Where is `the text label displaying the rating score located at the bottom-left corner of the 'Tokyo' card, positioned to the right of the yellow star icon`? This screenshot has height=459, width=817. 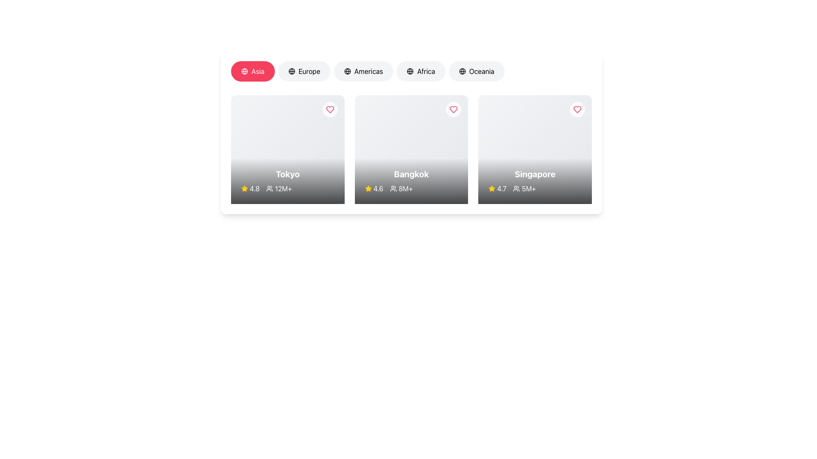
the text label displaying the rating score located at the bottom-left corner of the 'Tokyo' card, positioned to the right of the yellow star icon is located at coordinates (254, 188).